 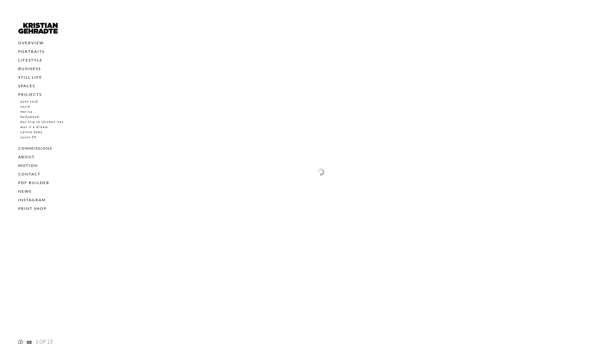 What do you see at coordinates (30, 43) in the screenshot?
I see `'OVERVIEW'` at bounding box center [30, 43].